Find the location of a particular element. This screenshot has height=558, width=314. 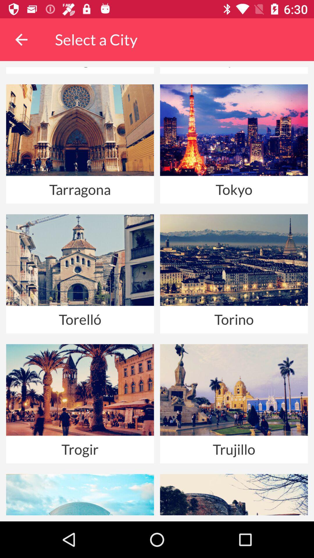

item to the left of the select a city is located at coordinates (21, 39).